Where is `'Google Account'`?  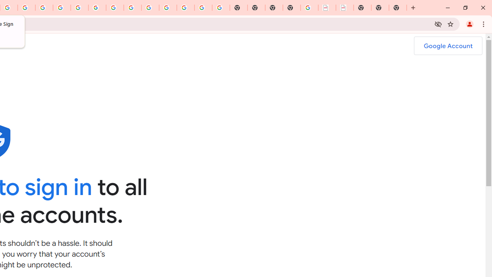 'Google Account' is located at coordinates (448, 46).